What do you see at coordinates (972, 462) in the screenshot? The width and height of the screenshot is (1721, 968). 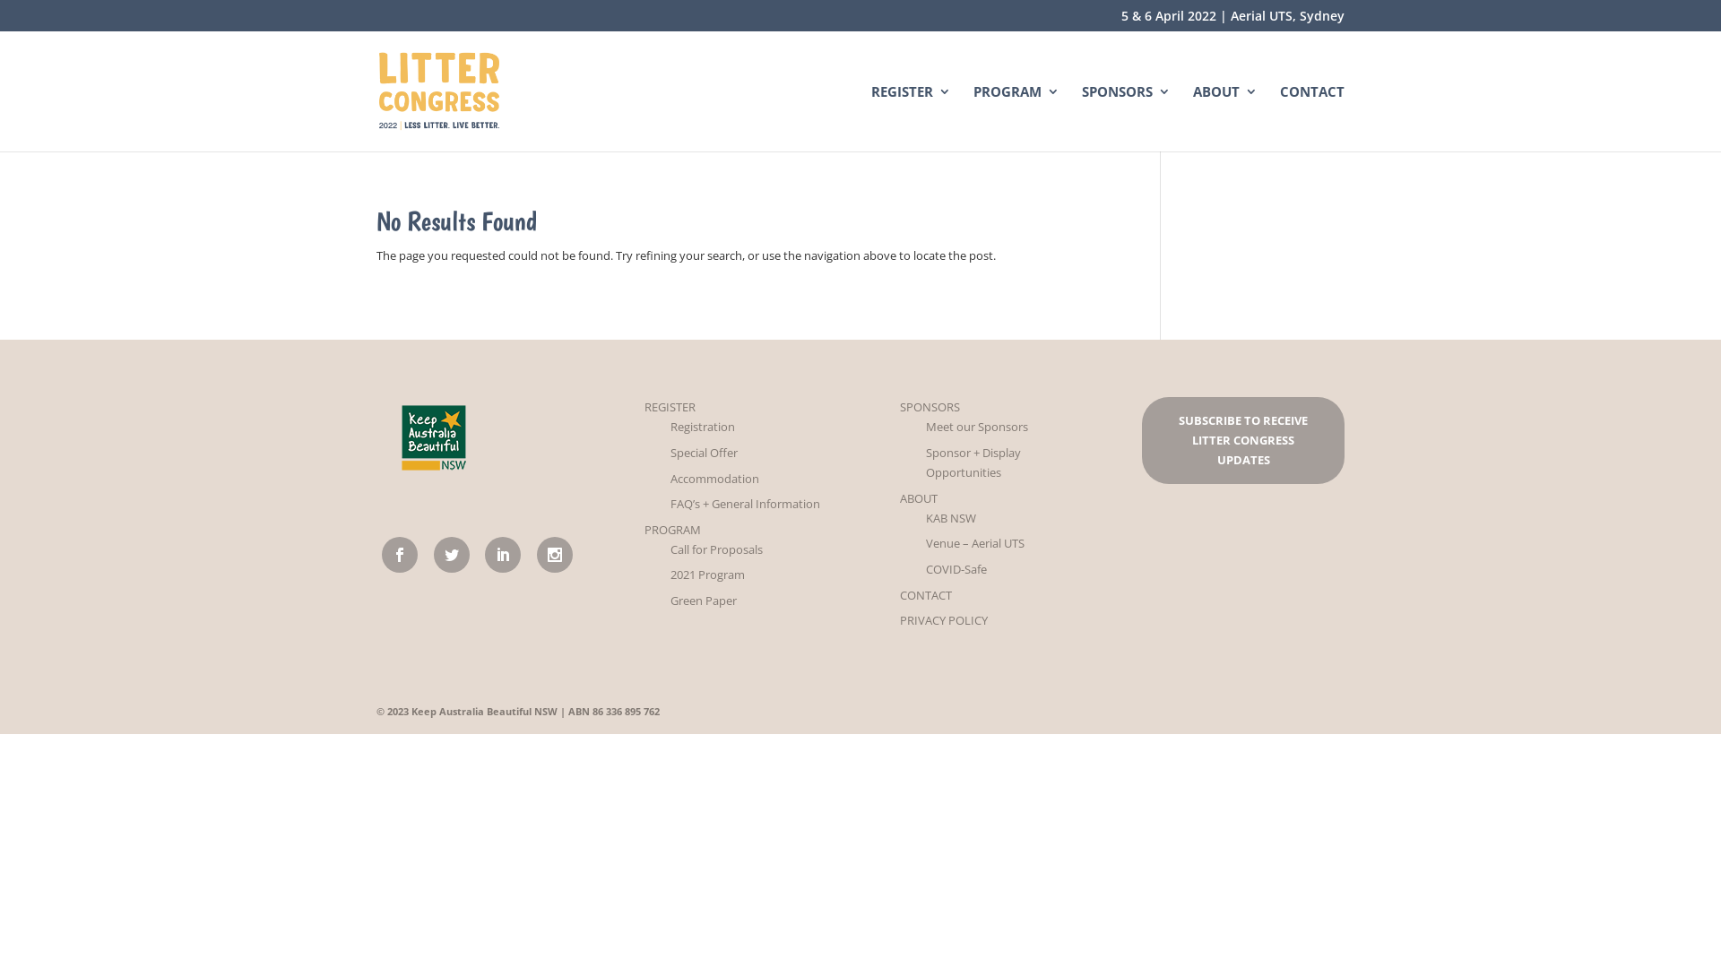 I see `'Sponsor + Display Opportunities'` at bounding box center [972, 462].